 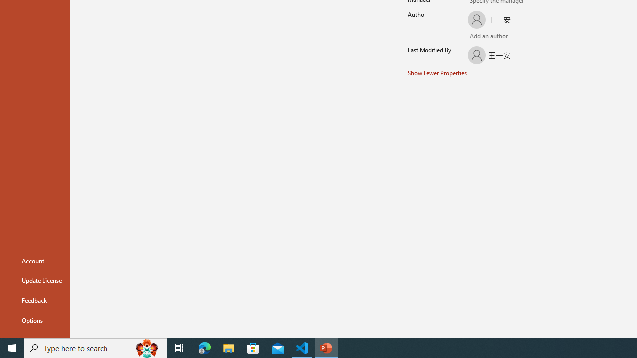 I want to click on 'Feedback', so click(x=34, y=300).